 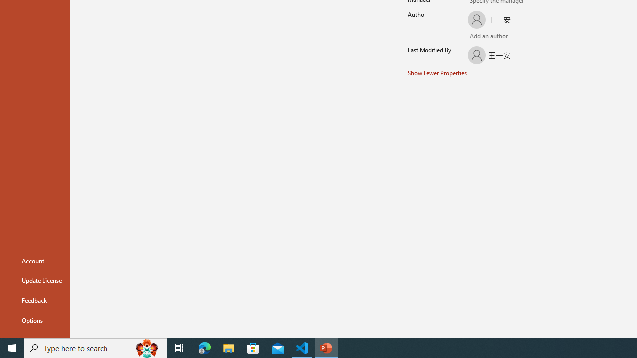 I want to click on 'Feedback', so click(x=34, y=300).